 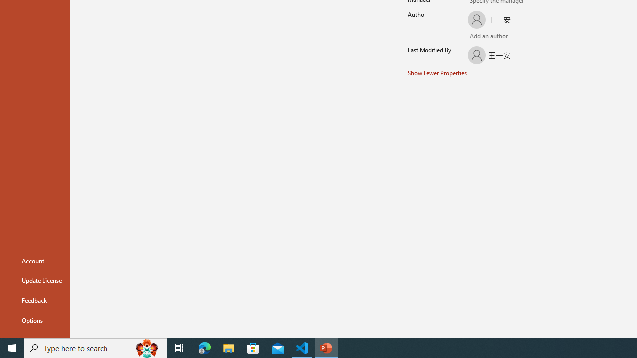 I want to click on 'Feedback', so click(x=34, y=300).